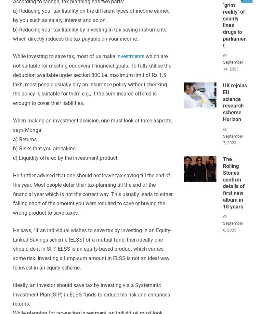  I want to click on 'The Rolling Stones confirm details of first new album in 18 years', so click(222, 182).